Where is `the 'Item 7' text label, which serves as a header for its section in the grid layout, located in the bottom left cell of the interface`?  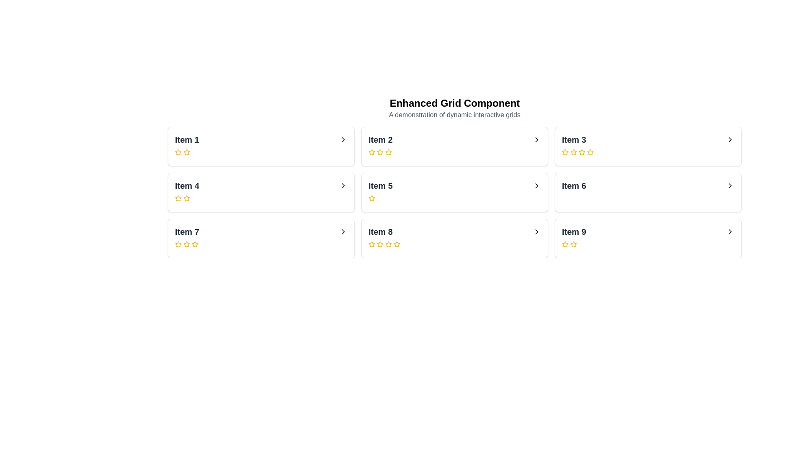 the 'Item 7' text label, which serves as a header for its section in the grid layout, located in the bottom left cell of the interface is located at coordinates (186, 232).